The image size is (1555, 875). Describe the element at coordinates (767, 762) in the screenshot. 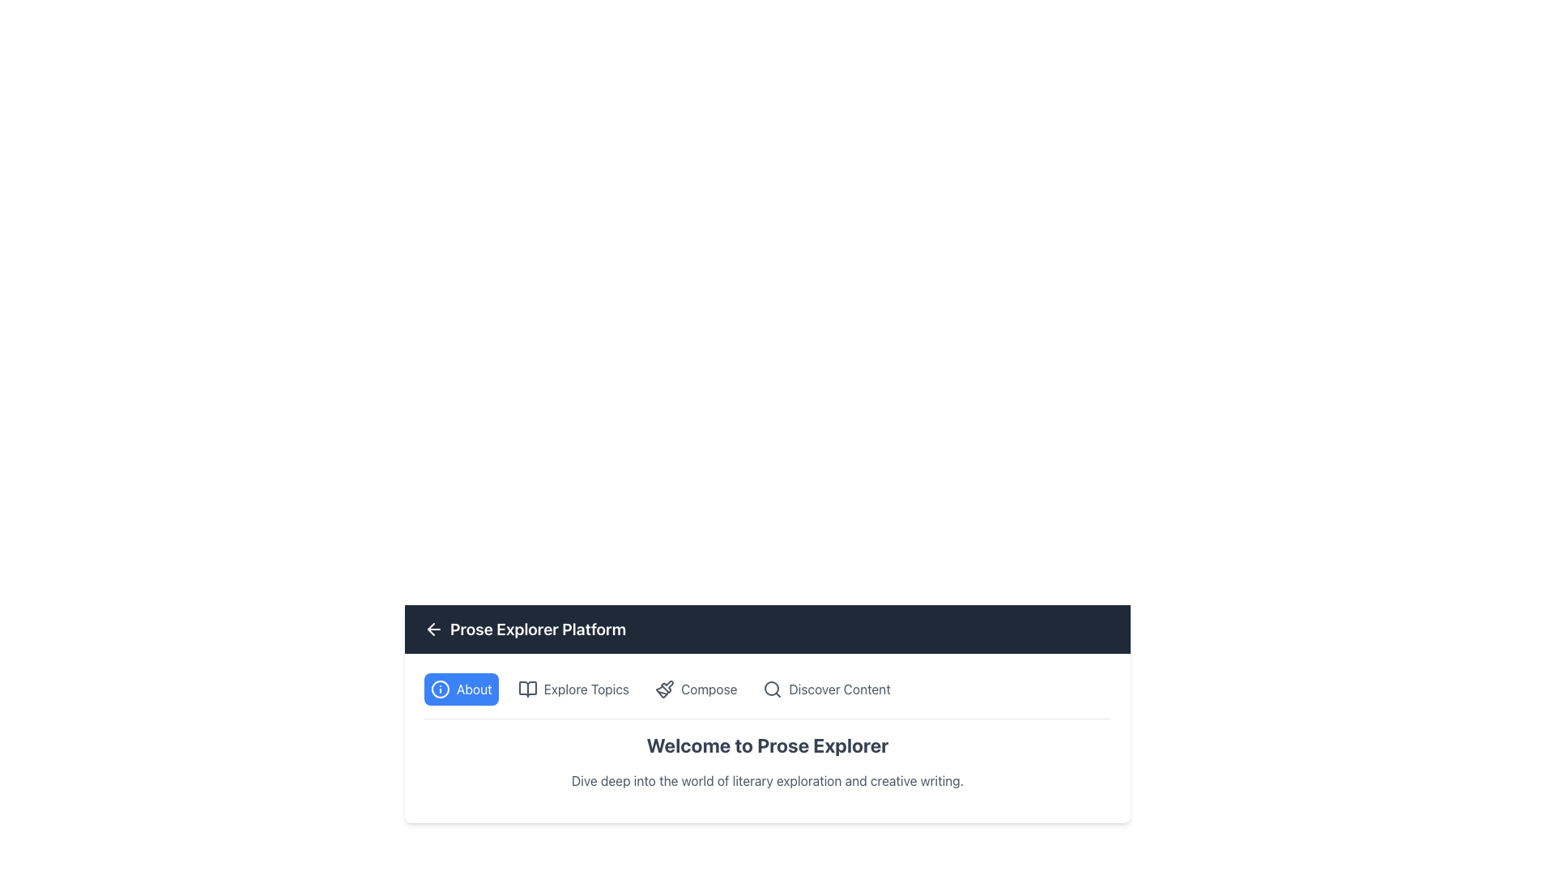

I see `the text label displaying 'Welcome to Prose Explorer', which is centrally located beneath the navigation bar and above the content area` at that location.